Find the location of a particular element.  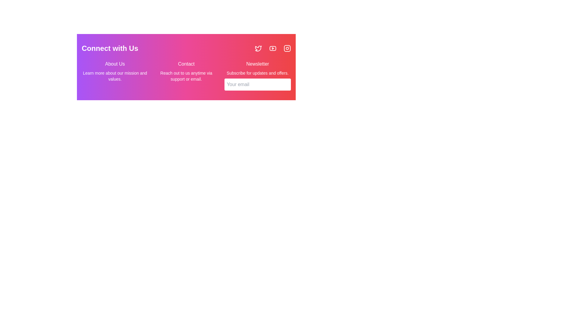

the 'About Us' Text Block, which features a bold title and smaller text in a gradient purple to pink background, located at the top left of the three-column grid layout is located at coordinates (115, 75).